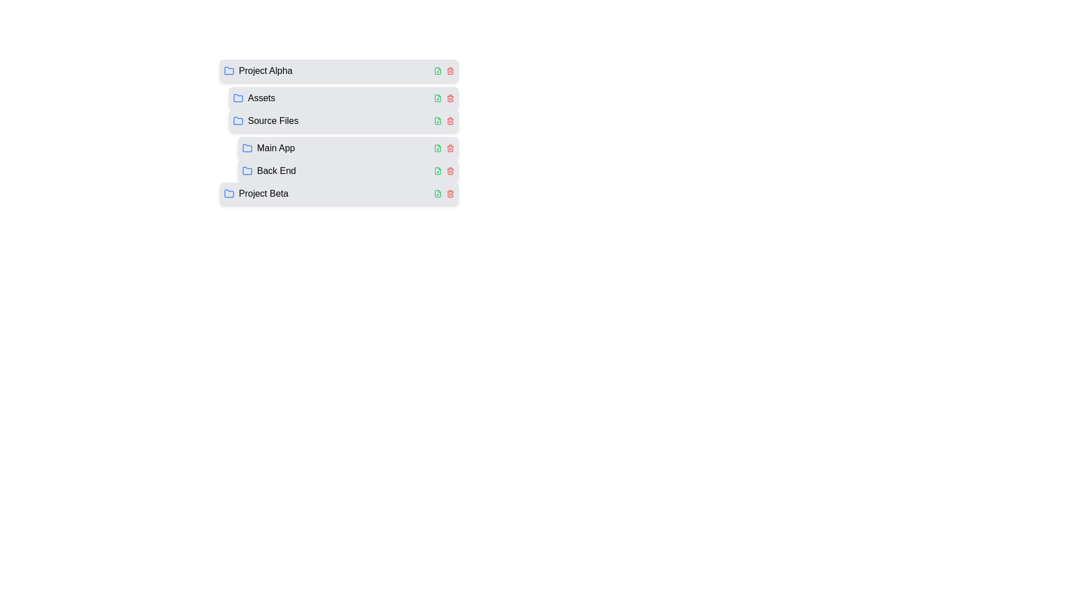  I want to click on the folder icon representing the 'Main App' project in the vertically stacked list, so click(268, 148).